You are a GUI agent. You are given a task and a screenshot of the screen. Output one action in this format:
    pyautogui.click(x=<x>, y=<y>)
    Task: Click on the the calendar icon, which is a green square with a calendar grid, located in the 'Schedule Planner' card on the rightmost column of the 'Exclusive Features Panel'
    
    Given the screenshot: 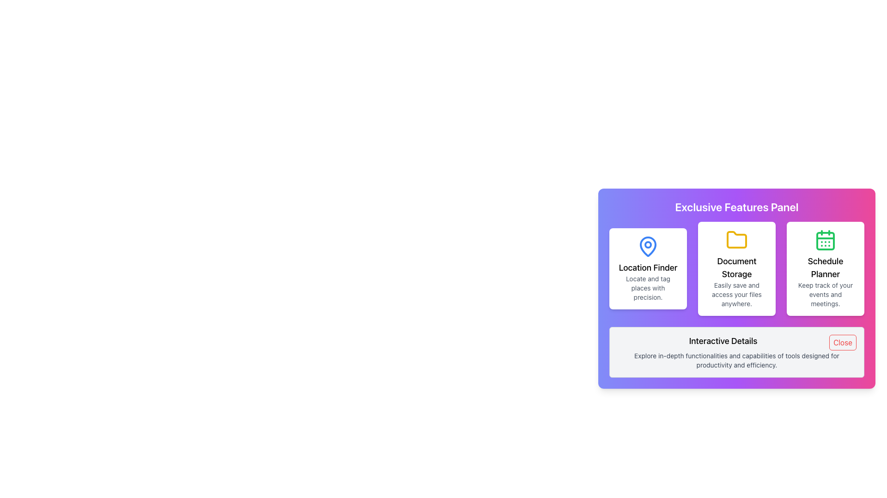 What is the action you would take?
    pyautogui.click(x=825, y=239)
    